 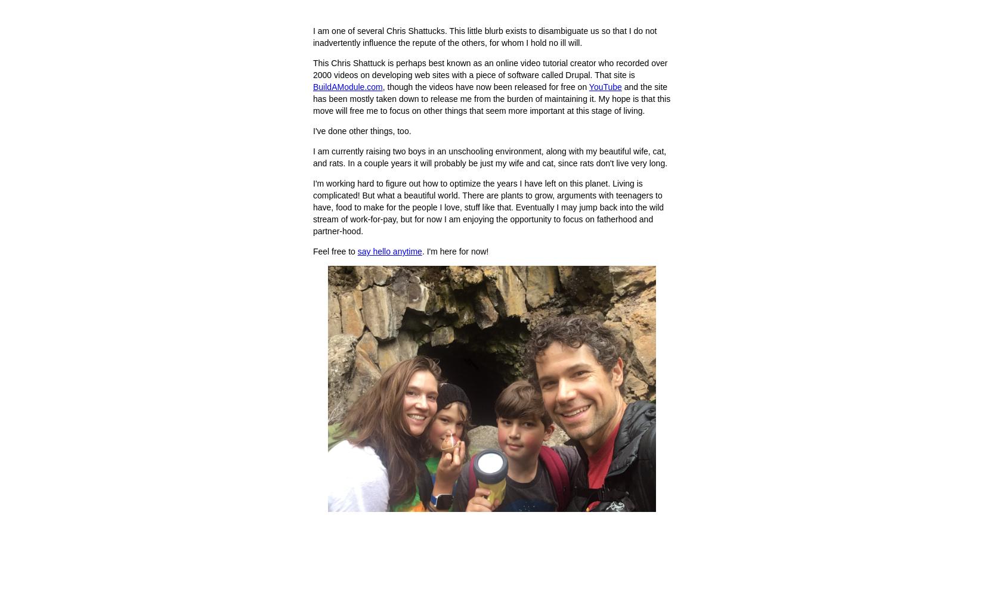 What do you see at coordinates (490, 157) in the screenshot?
I see `'I am currently raising two boys in an unschooling environment, along with my beautiful wife, cat, and rats. In a couple years it will probably be just my wife and cat, since rats don't live very long.'` at bounding box center [490, 157].